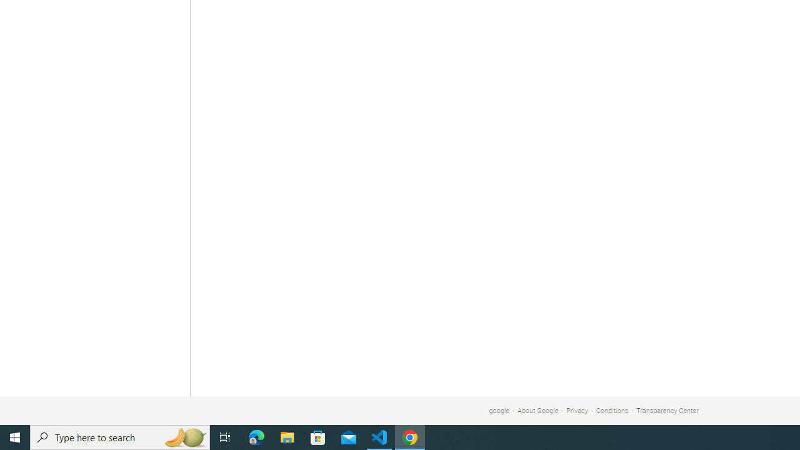  I want to click on 'Search highlights icon opens search home window', so click(184, 436).